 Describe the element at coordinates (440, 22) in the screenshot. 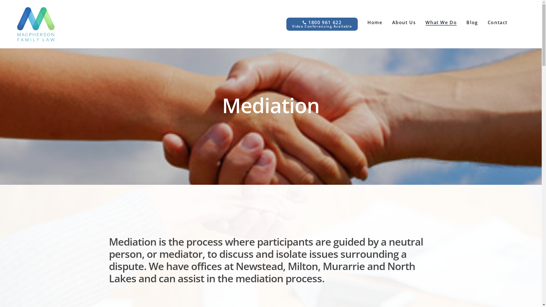

I see `'What We Do'` at that location.